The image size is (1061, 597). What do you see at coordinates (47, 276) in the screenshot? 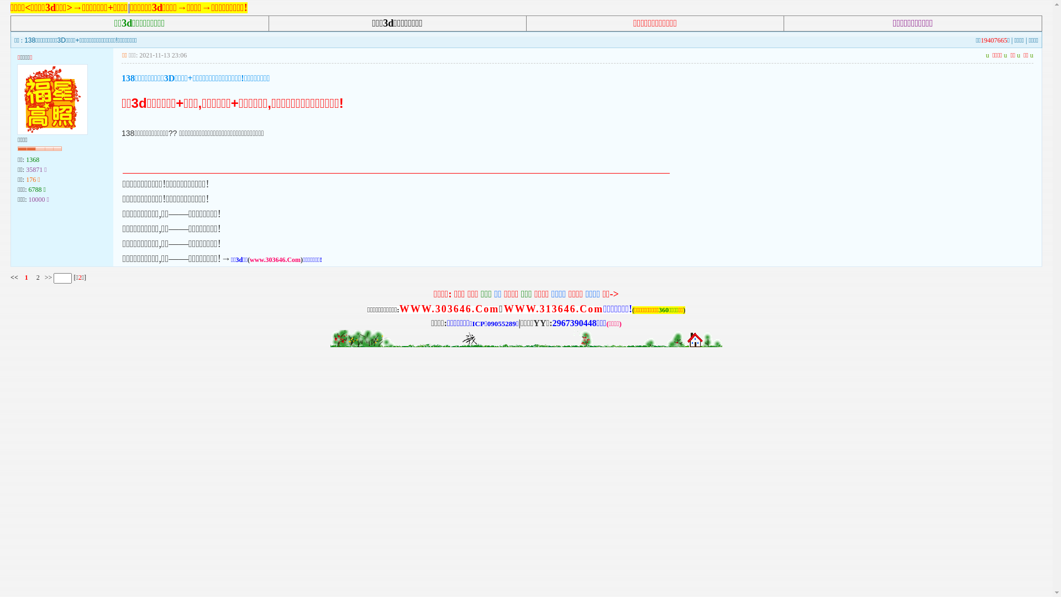
I see `'>>'` at bounding box center [47, 276].